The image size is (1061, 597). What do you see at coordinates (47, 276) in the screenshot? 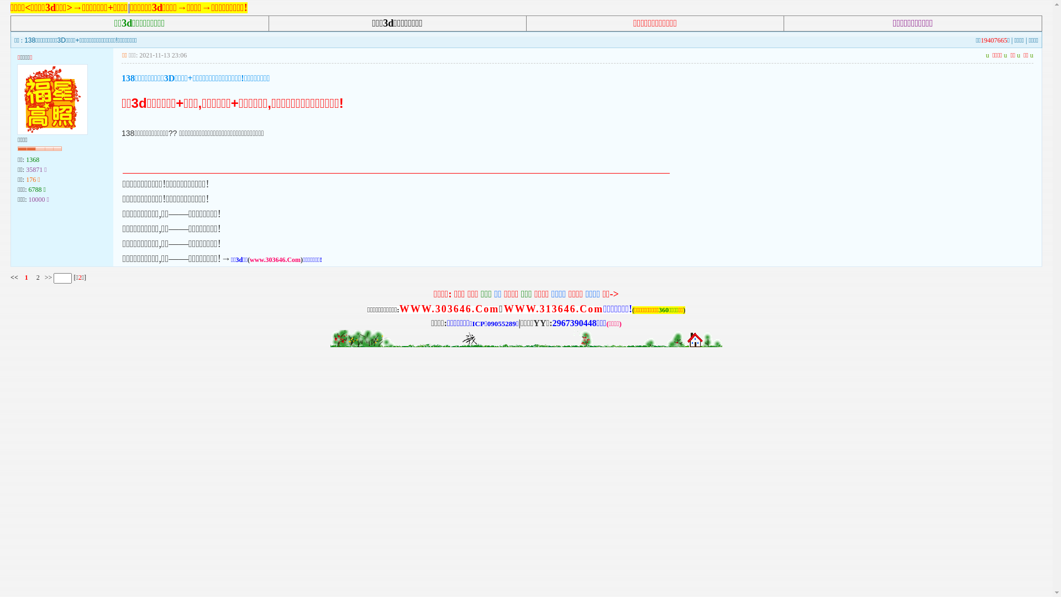
I see `'>>'` at bounding box center [47, 276].